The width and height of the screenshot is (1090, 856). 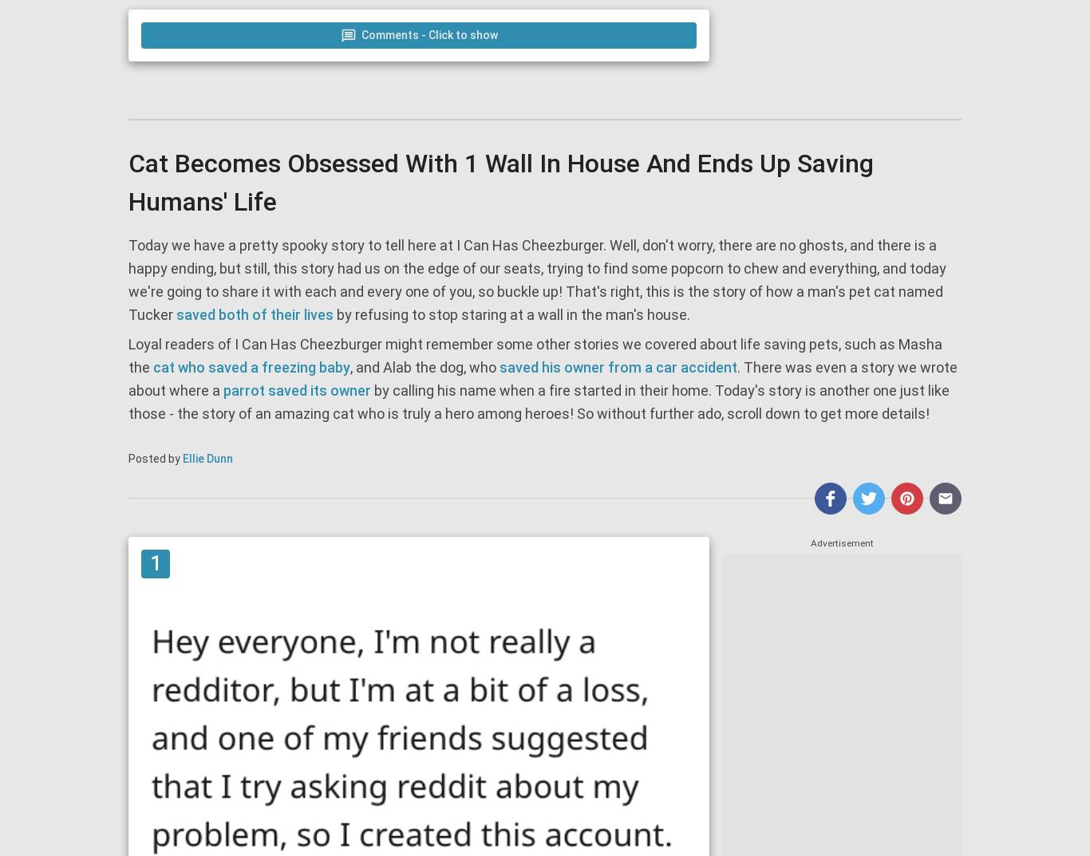 I want to click on 'by refusing to stop staring at a wall in the man's house.', so click(x=332, y=314).